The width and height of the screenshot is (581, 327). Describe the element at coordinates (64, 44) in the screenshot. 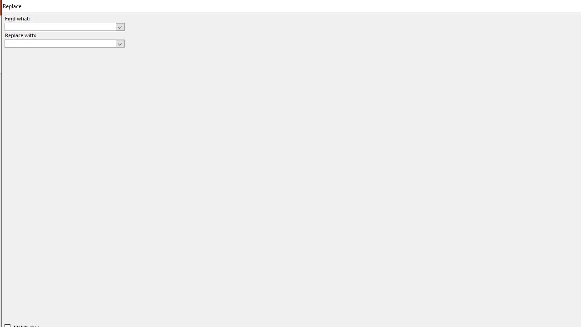

I see `'Replace with'` at that location.